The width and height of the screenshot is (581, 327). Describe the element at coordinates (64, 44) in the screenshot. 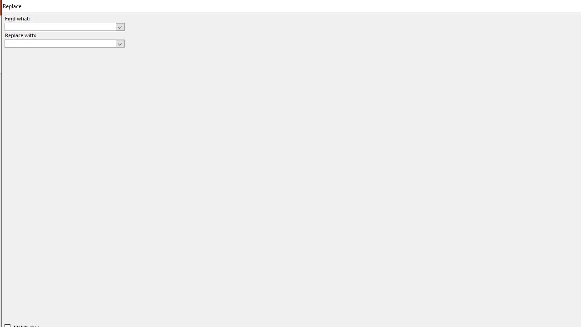

I see `'Replace with'` at that location.